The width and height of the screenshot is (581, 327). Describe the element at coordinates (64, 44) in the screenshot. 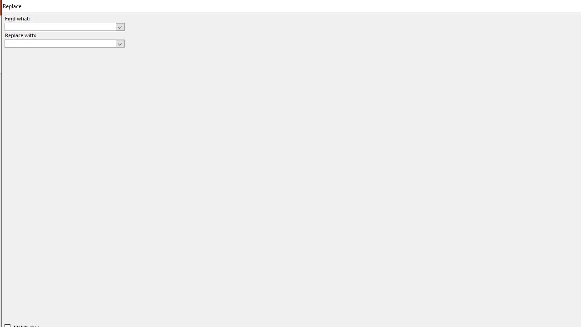

I see `'Replace with'` at that location.